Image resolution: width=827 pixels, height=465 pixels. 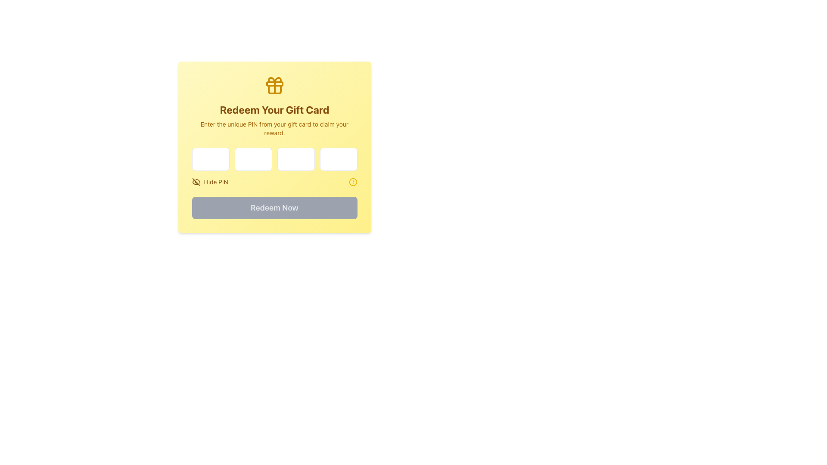 I want to click on the informational section at the top of the form that instructs users to enter their gift card PIN, which is located within a yellow-themed card layout, so click(x=274, y=105).